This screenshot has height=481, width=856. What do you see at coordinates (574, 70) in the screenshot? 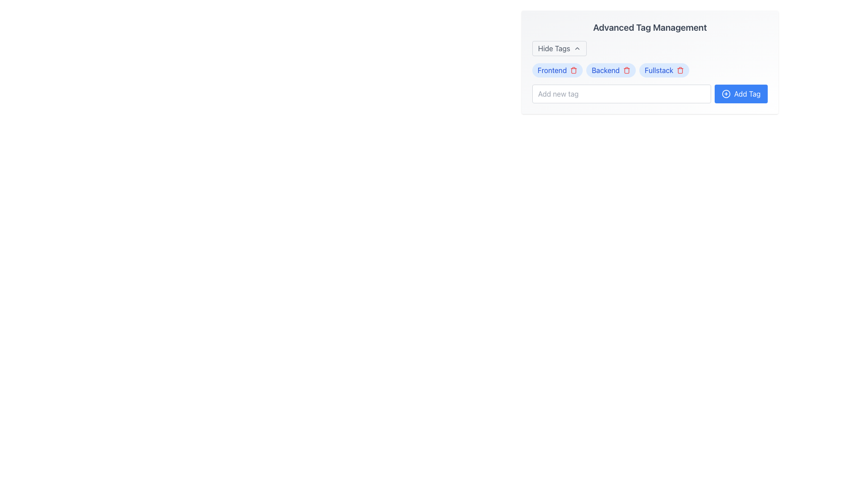
I see `the small red trash-bin icon` at bounding box center [574, 70].